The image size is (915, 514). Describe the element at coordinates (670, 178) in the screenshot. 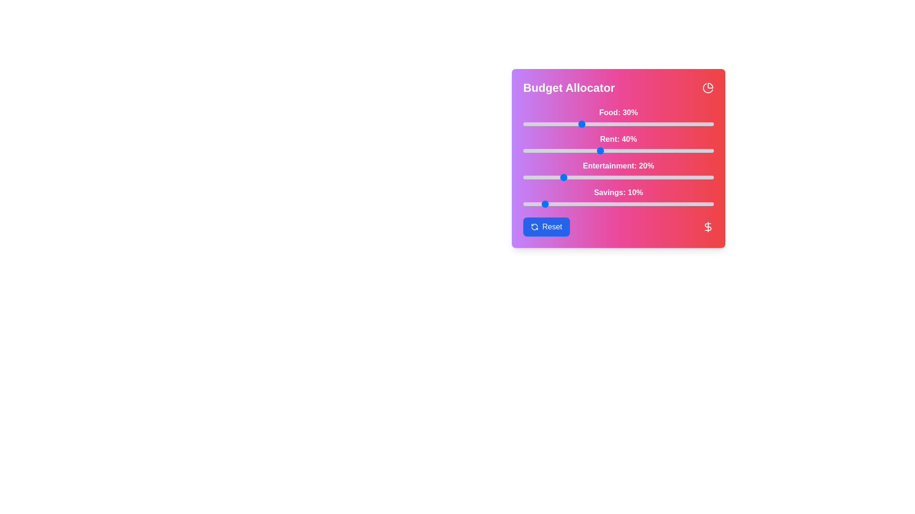

I see `the slider value` at that location.